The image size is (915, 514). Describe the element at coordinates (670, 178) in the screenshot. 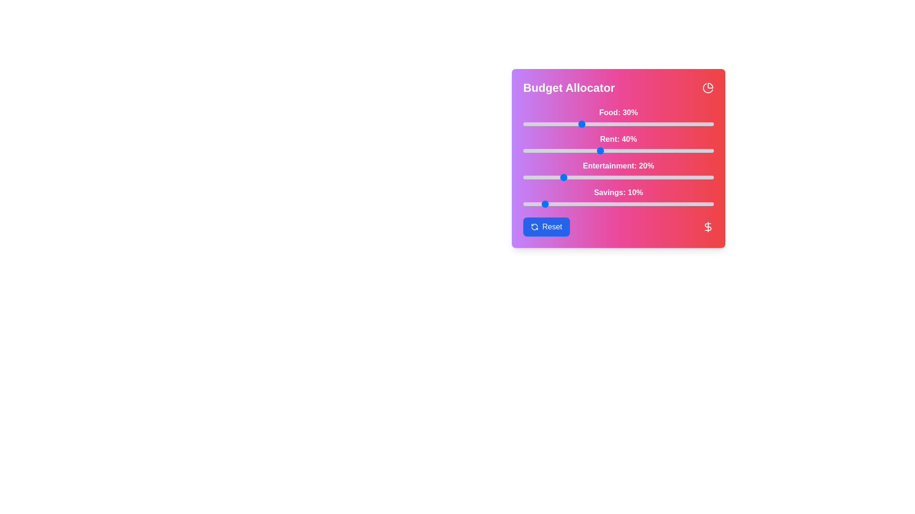

I see `the slider value` at that location.